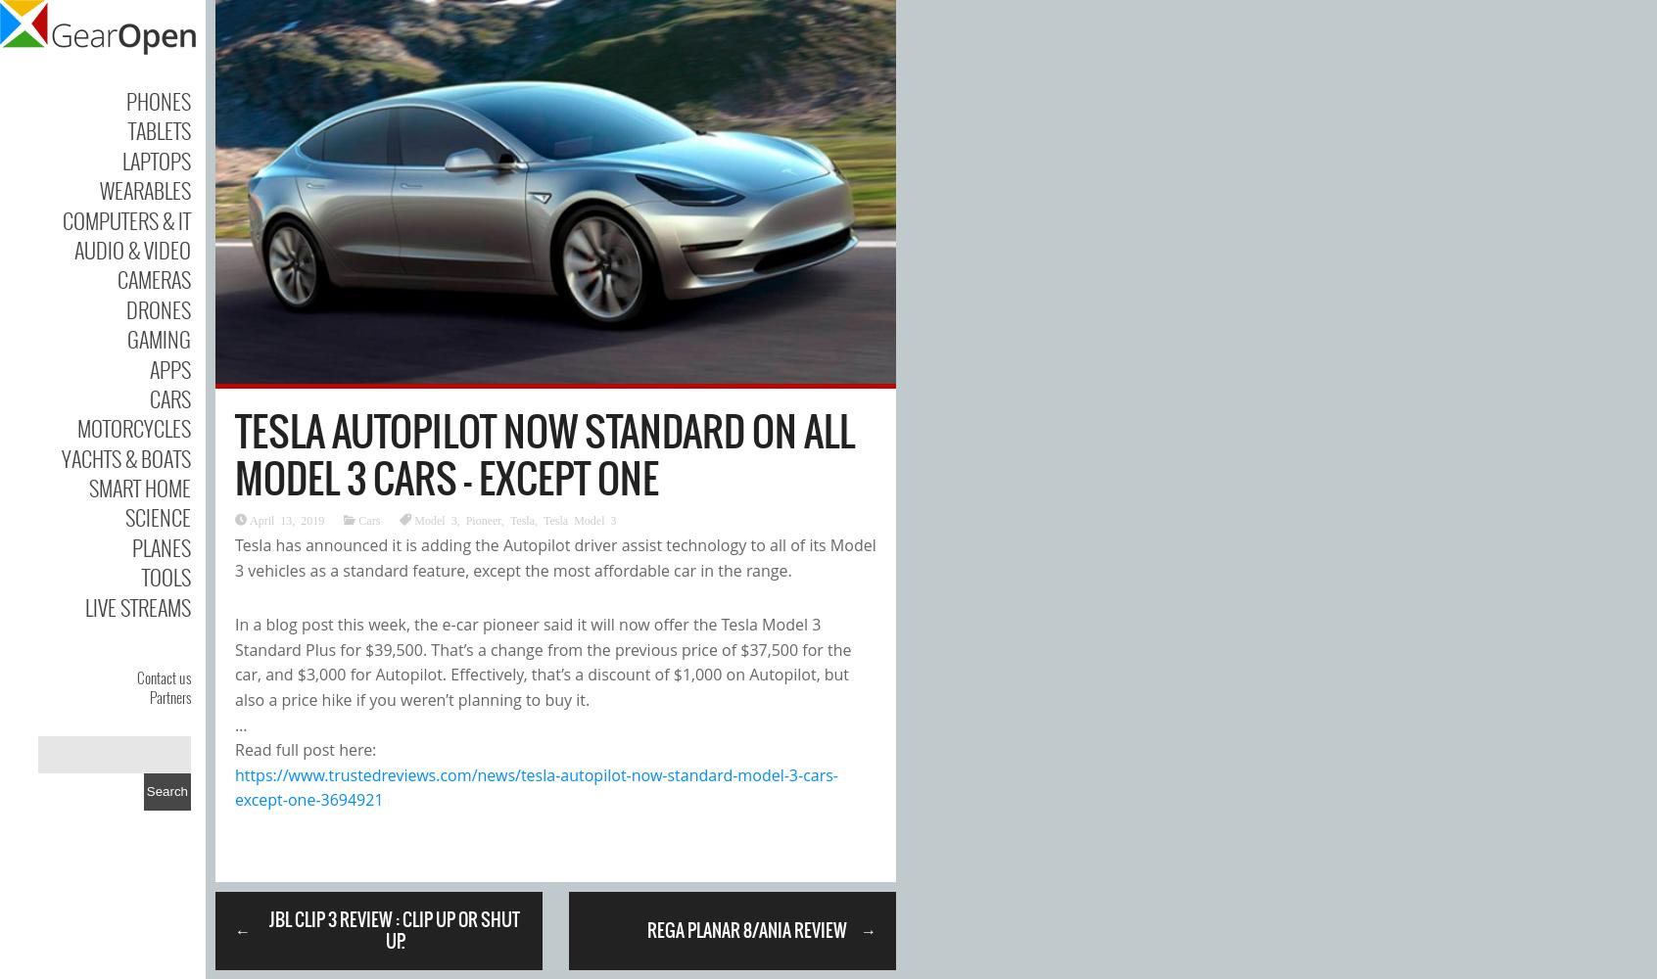 The width and height of the screenshot is (1657, 979). What do you see at coordinates (137, 605) in the screenshot?
I see `'Live Streams'` at bounding box center [137, 605].